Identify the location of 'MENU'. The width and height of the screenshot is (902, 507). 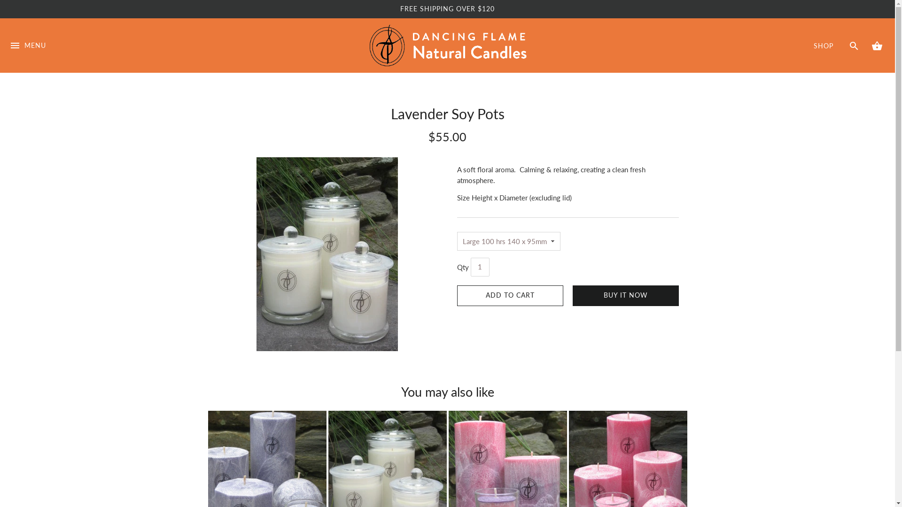
(0, 56).